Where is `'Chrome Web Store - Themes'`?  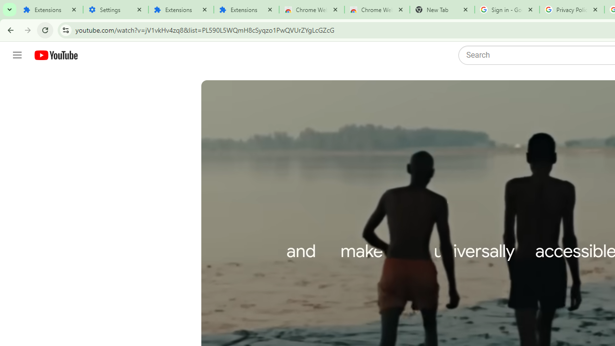
'Chrome Web Store - Themes' is located at coordinates (376, 10).